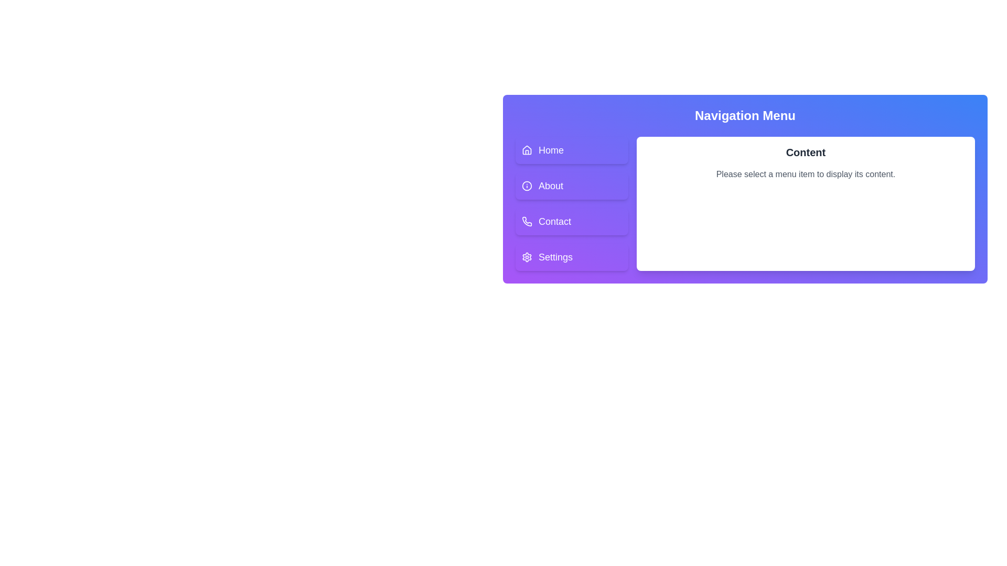  What do you see at coordinates (527, 221) in the screenshot?
I see `the 'Contact' button in the vertical navigation menu` at bounding box center [527, 221].